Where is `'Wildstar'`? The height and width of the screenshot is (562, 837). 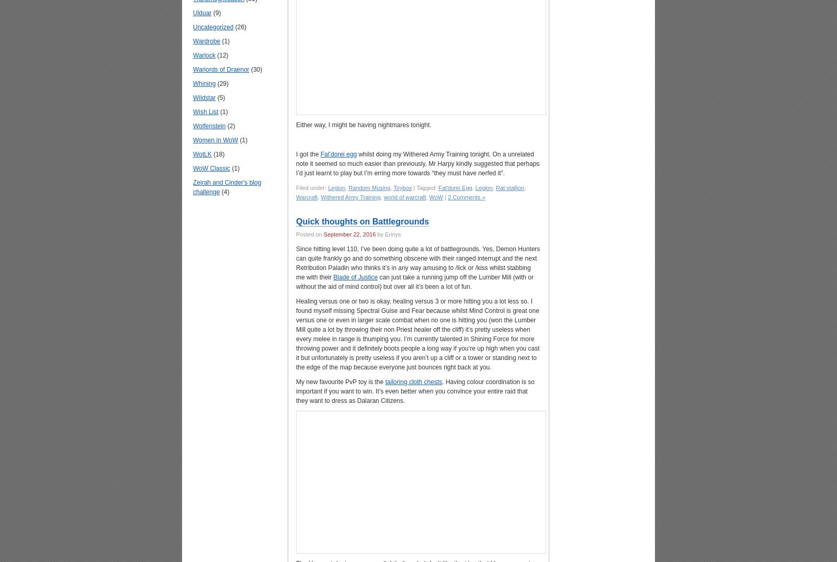
'Wildstar' is located at coordinates (204, 97).